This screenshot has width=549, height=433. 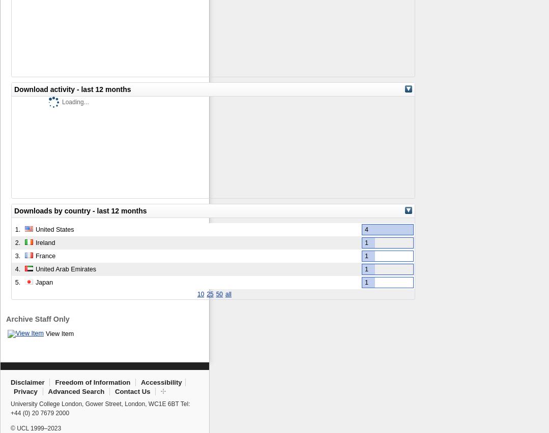 What do you see at coordinates (54, 428) in the screenshot?
I see `'2023'` at bounding box center [54, 428].